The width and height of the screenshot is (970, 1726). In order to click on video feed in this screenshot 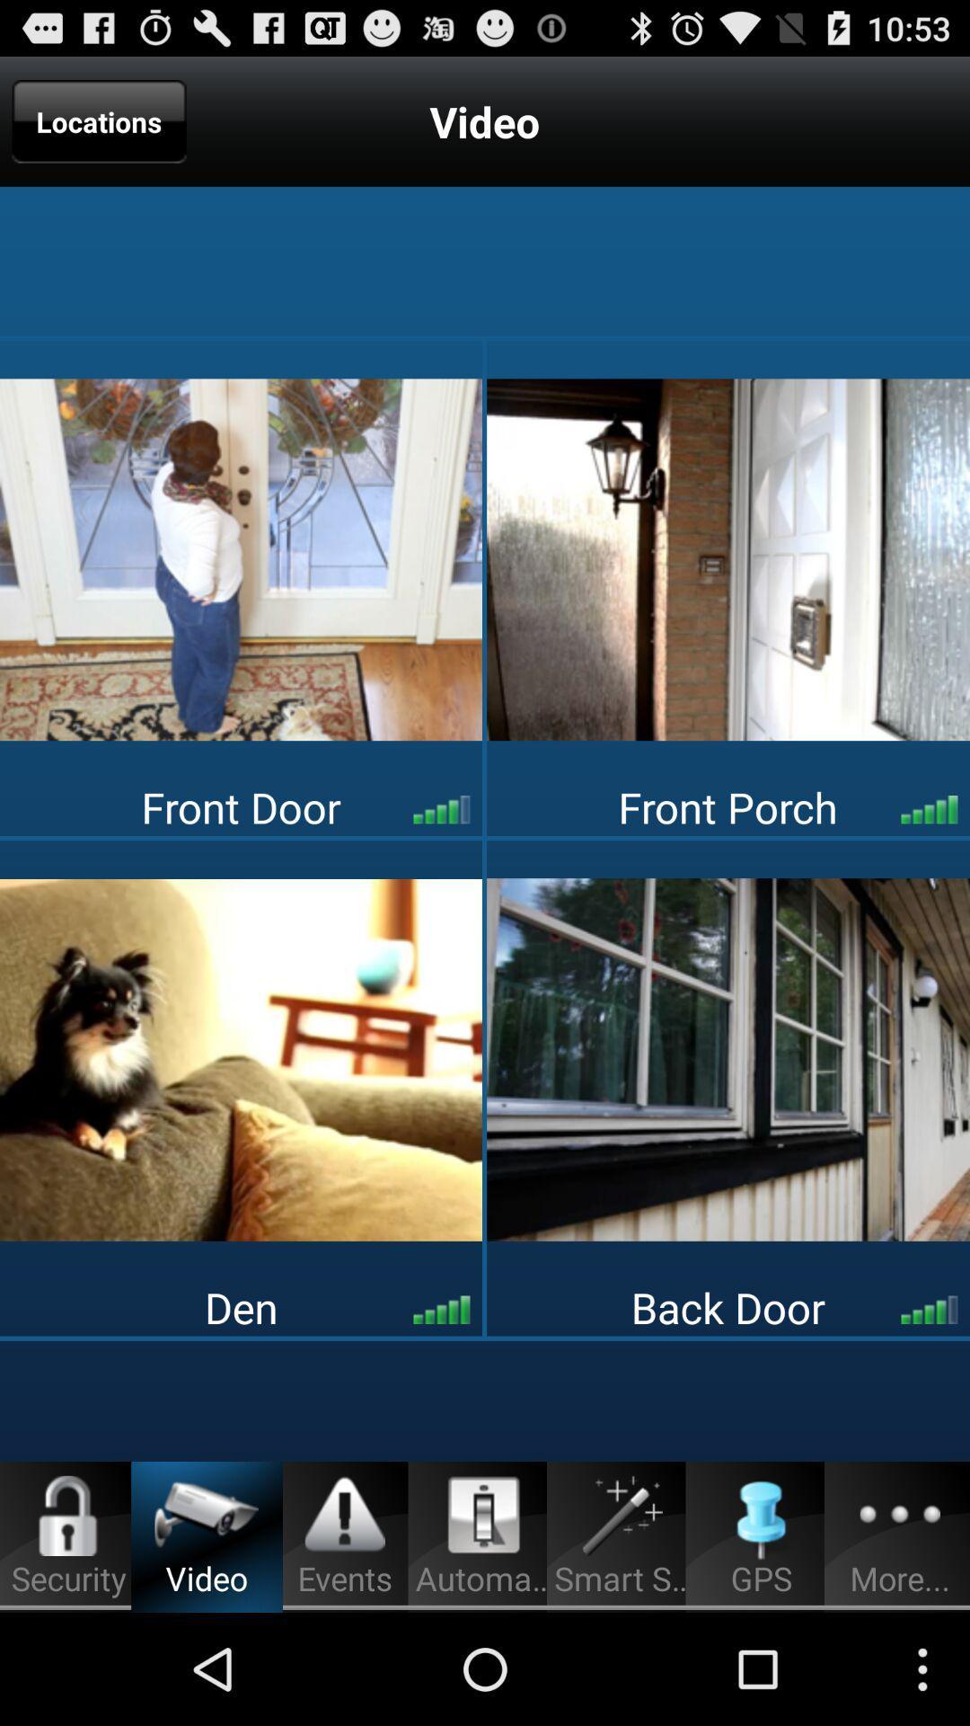, I will do `click(728, 1060)`.